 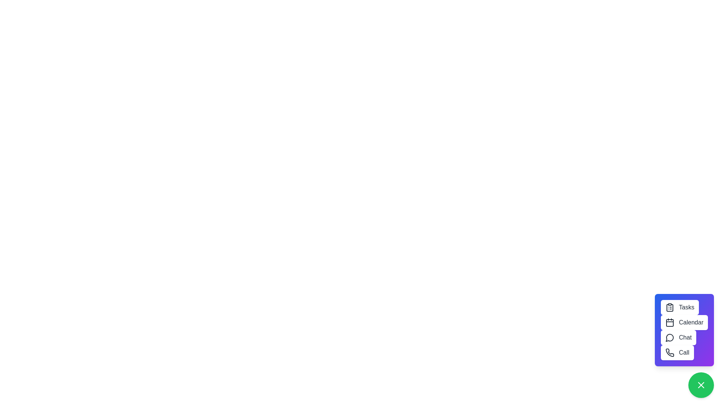 I want to click on the 'Calendar' button to view the schedule, so click(x=684, y=322).